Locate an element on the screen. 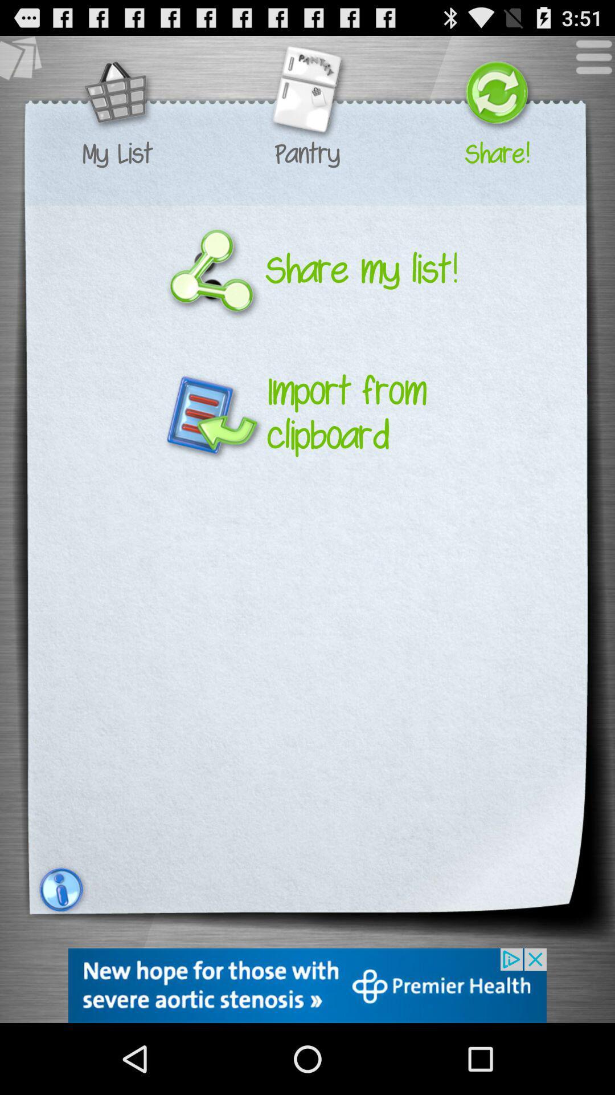  advertisement is located at coordinates (307, 985).